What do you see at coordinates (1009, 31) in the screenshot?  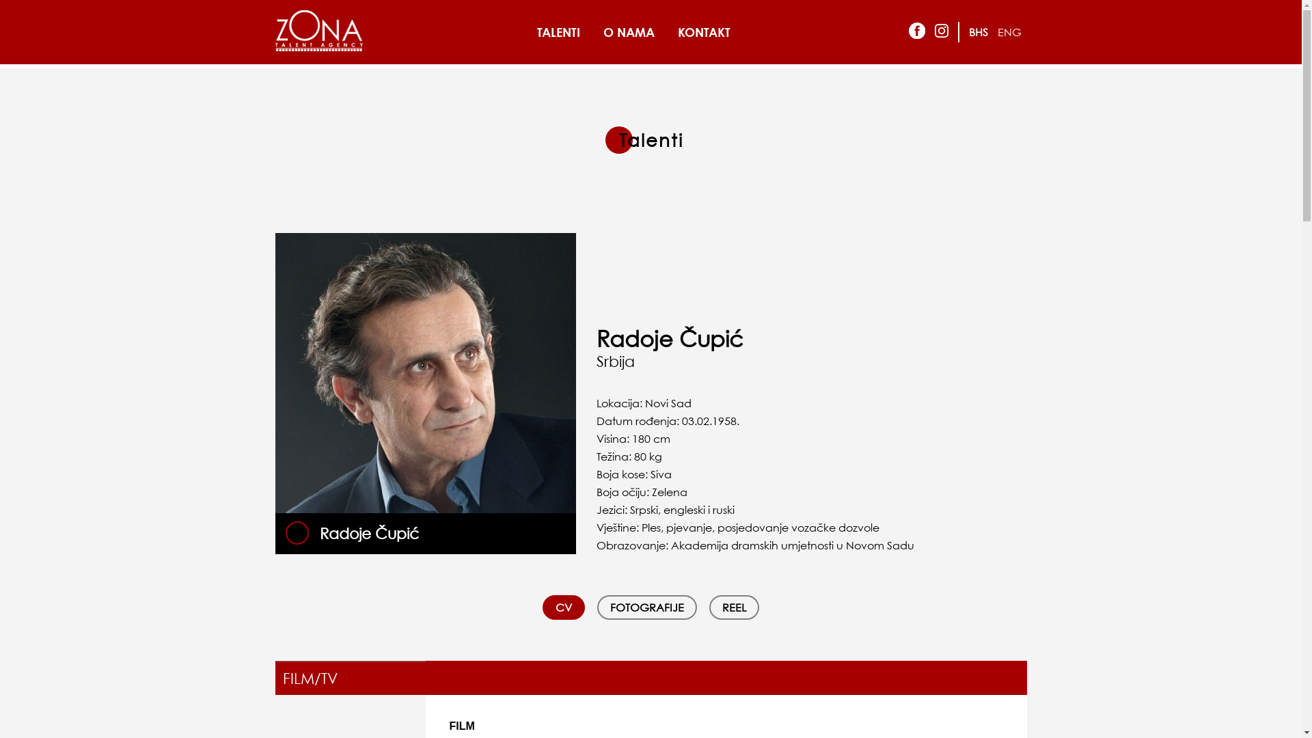 I see `'ENG'` at bounding box center [1009, 31].